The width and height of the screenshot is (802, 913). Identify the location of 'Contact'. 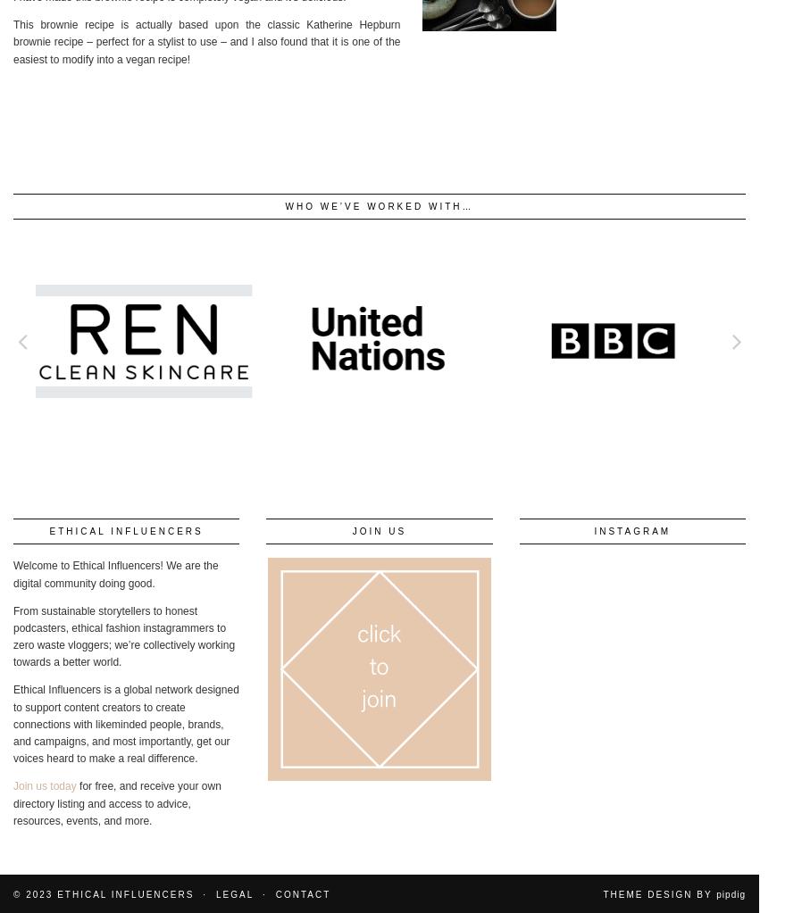
(302, 892).